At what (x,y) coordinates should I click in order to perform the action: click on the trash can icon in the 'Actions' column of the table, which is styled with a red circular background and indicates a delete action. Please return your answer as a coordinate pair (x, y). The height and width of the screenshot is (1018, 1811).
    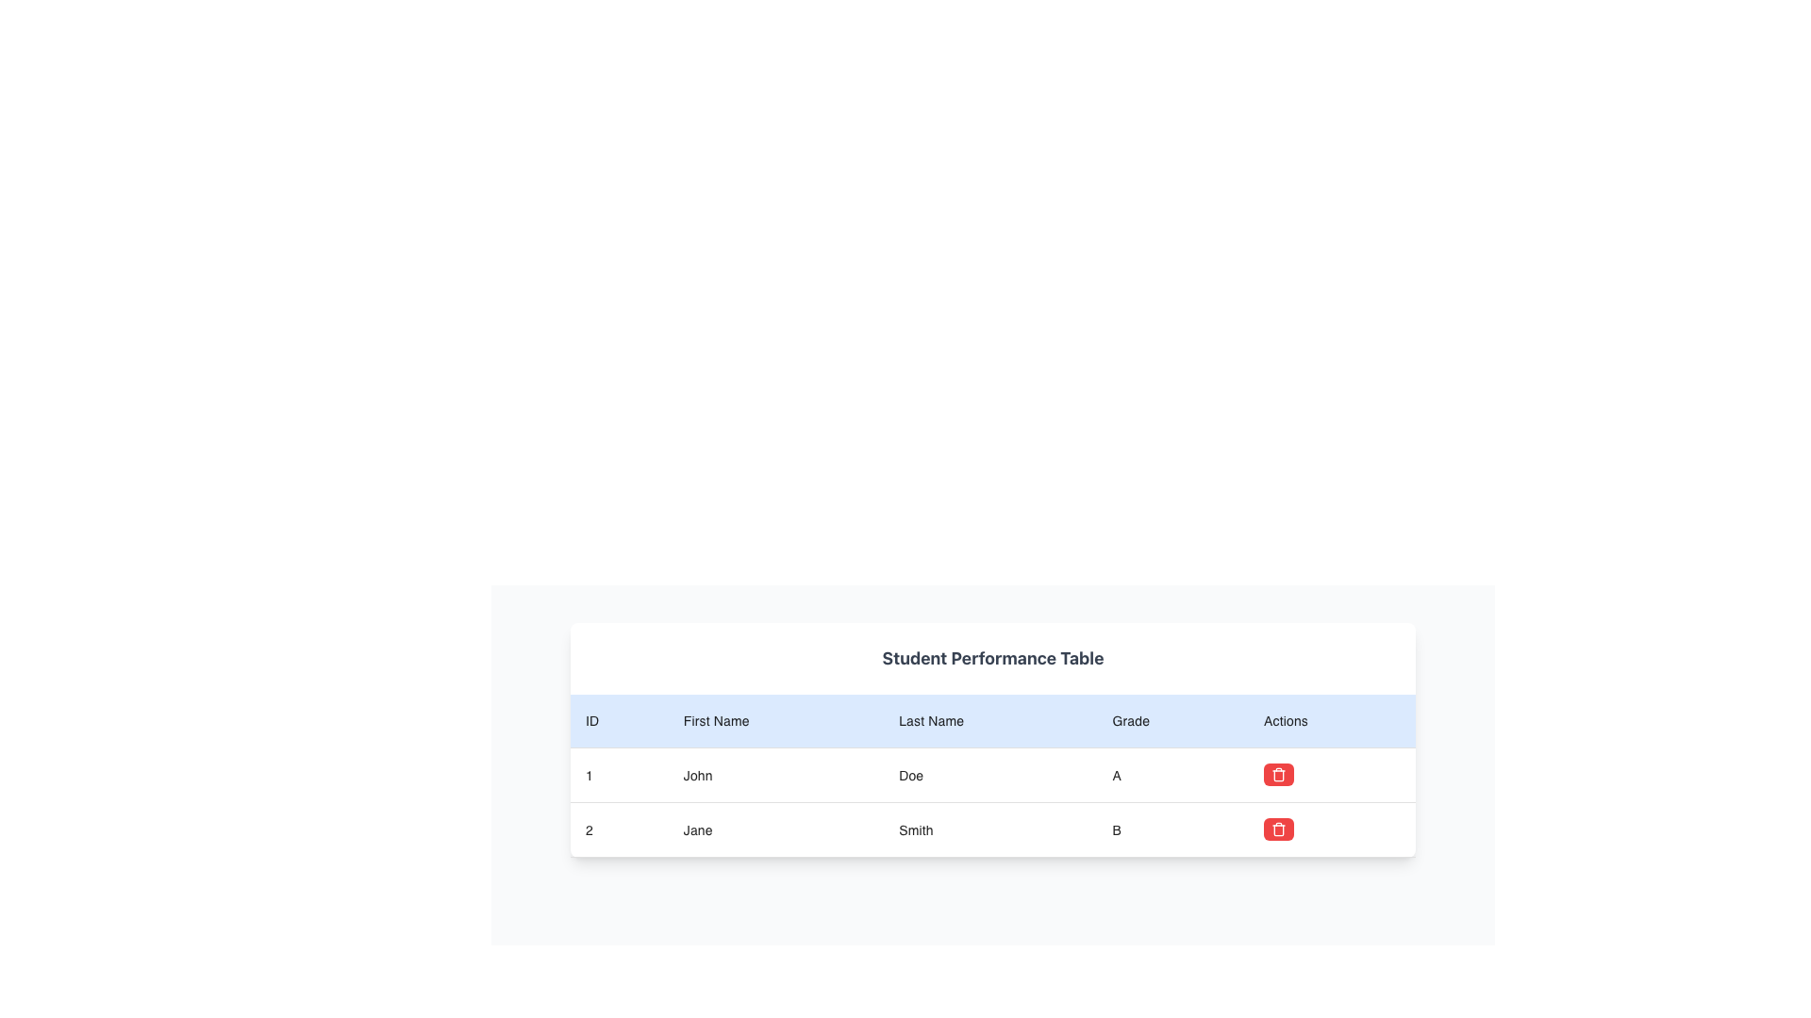
    Looking at the image, I should click on (1279, 774).